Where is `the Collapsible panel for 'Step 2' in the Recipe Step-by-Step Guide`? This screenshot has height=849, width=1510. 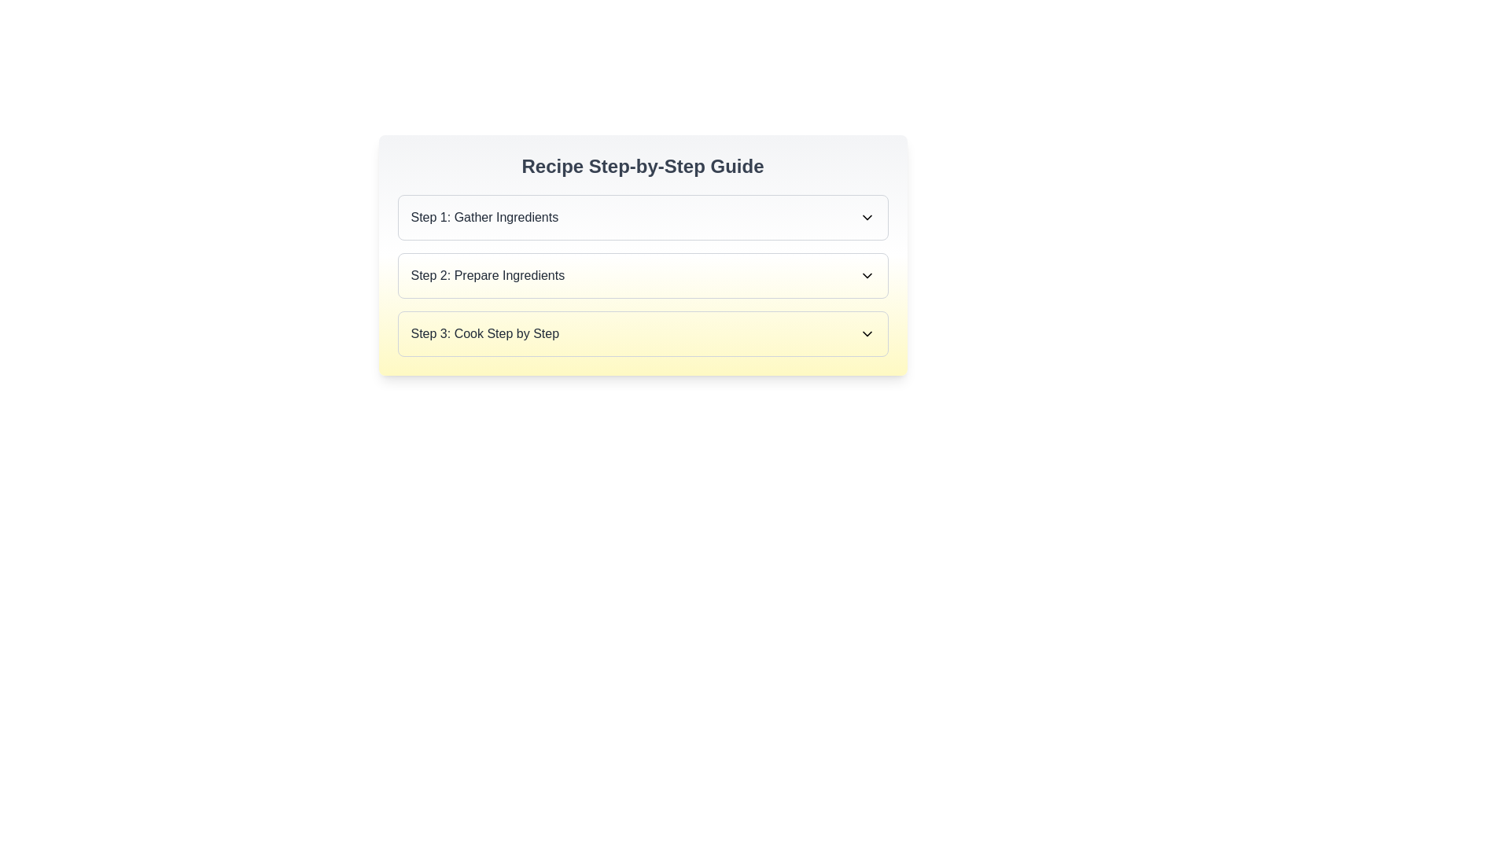
the Collapsible panel for 'Step 2' in the Recipe Step-by-Step Guide is located at coordinates (643, 275).